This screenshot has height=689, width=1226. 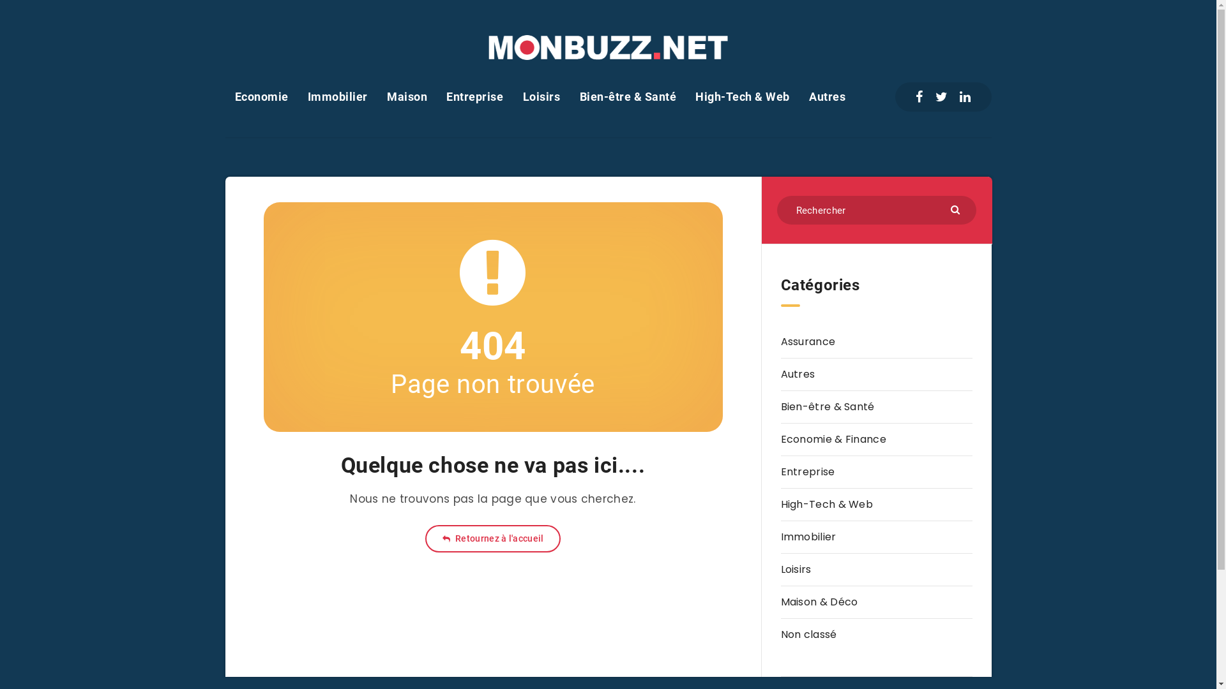 What do you see at coordinates (261, 96) in the screenshot?
I see `'Economie'` at bounding box center [261, 96].